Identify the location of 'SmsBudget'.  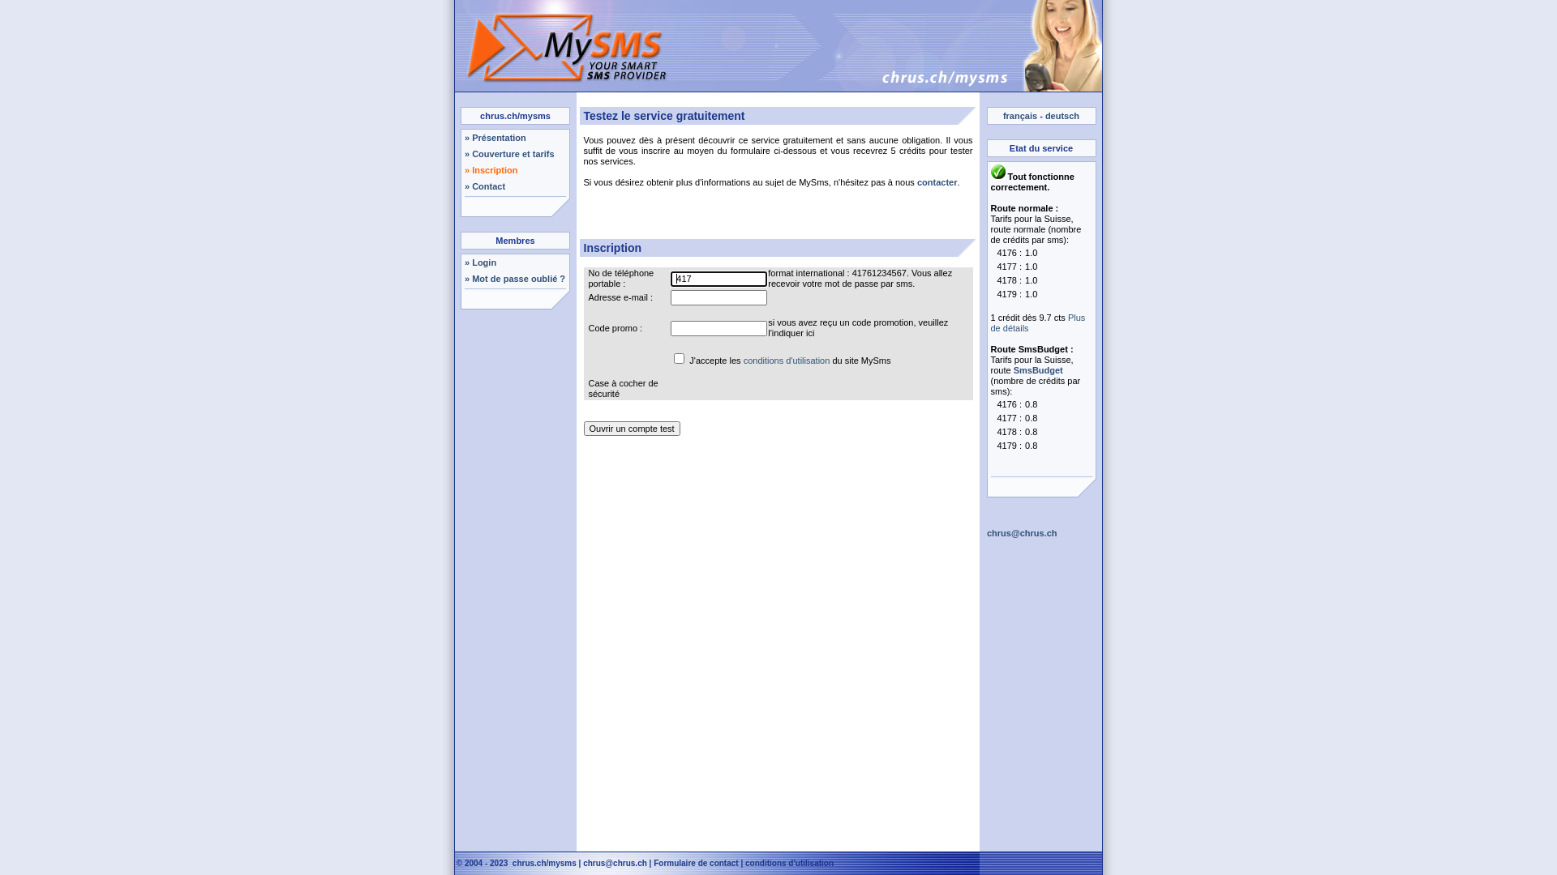
(1038, 369).